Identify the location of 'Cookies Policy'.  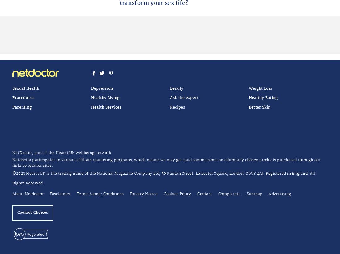
(177, 194).